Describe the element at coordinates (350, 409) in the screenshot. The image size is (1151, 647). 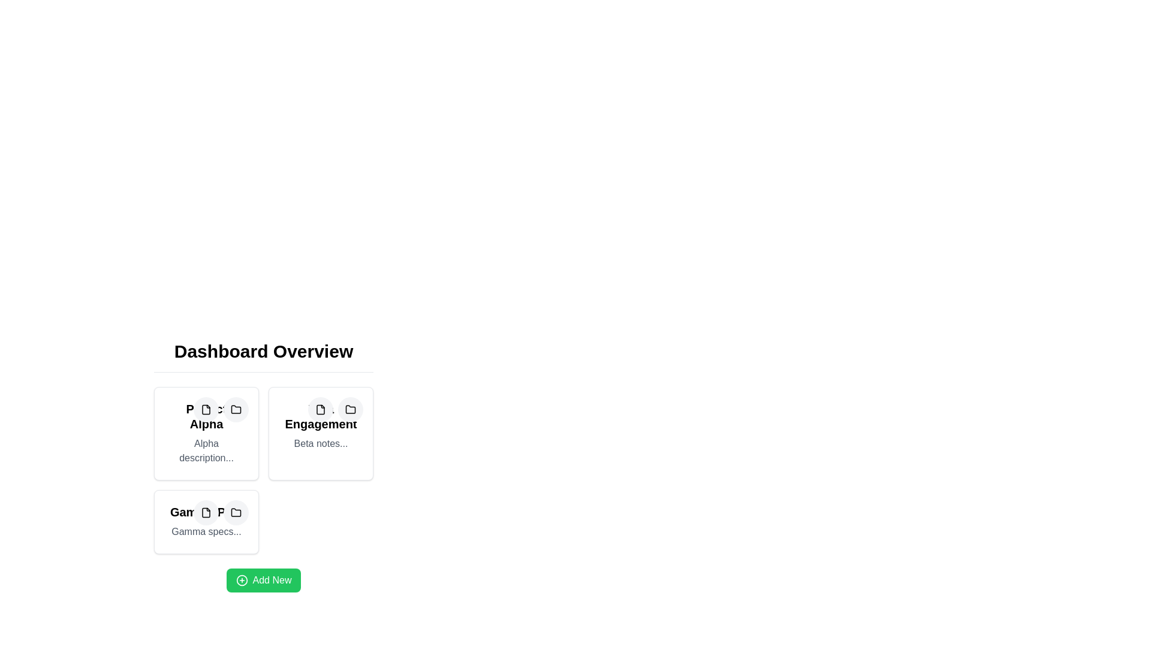
I see `the 'folder' icon, which is the third icon in a row within the 'Engagement' card located in the upper-right quadrant of the dashboard interface` at that location.